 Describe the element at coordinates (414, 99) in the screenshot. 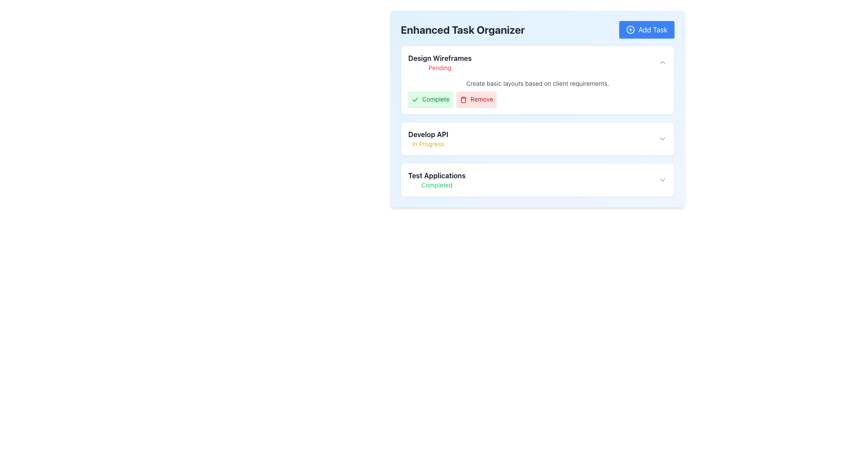

I see `the green 'Complete' button located within the 'Design Wireframes' card, which contains the icon denoting the action or status of completion` at that location.